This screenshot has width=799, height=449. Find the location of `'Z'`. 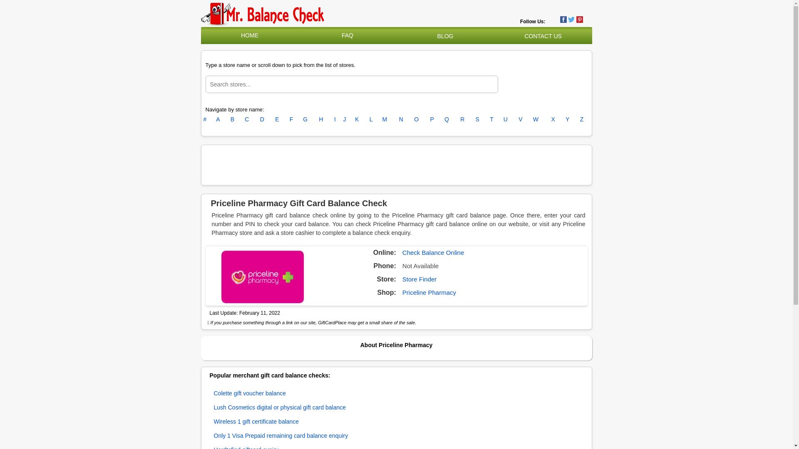

'Z' is located at coordinates (581, 119).